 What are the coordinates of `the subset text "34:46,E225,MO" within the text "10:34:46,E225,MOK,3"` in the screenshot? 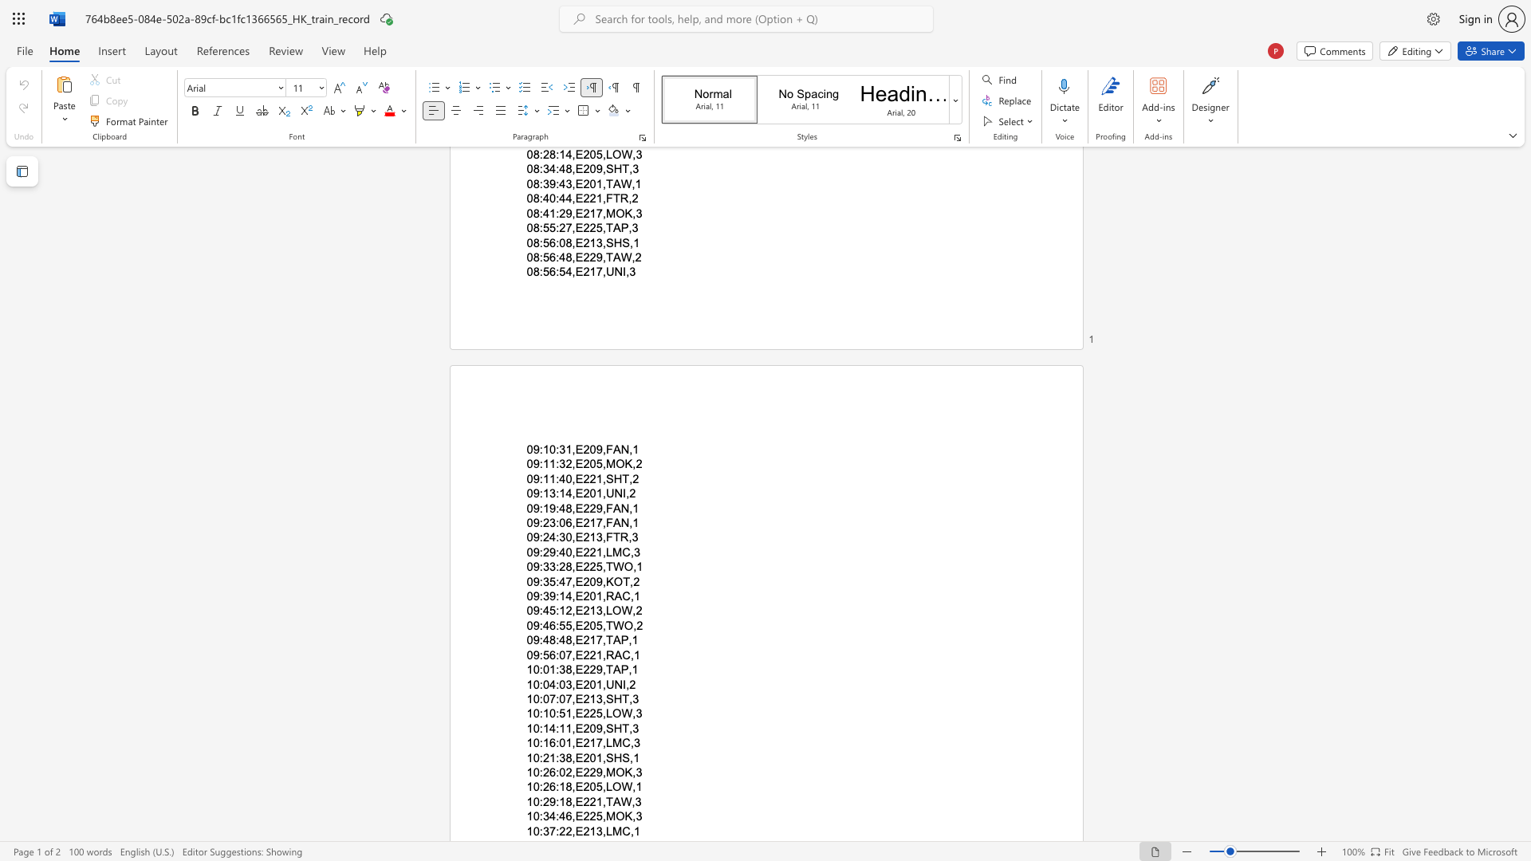 It's located at (542, 816).